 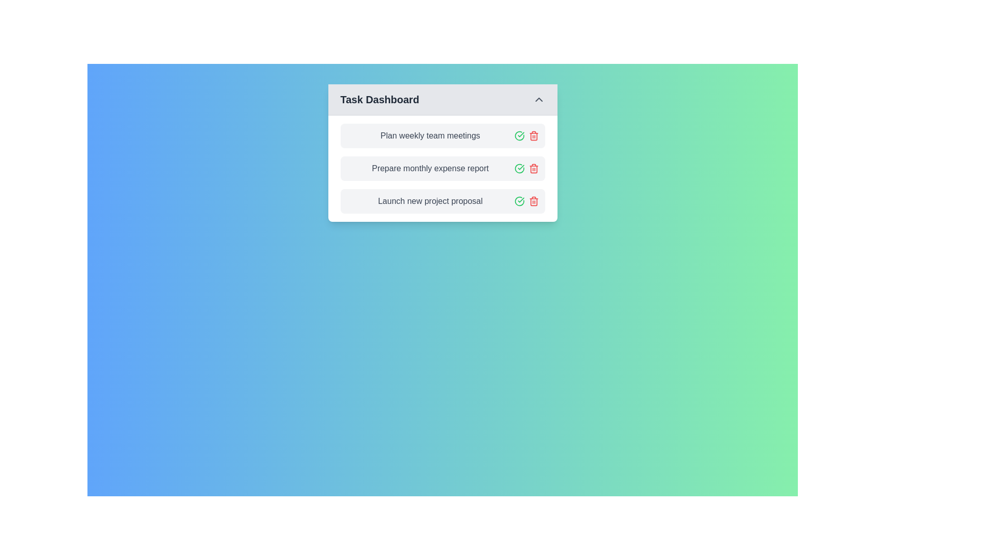 What do you see at coordinates (526, 201) in the screenshot?
I see `the interactive icons (checkmark and trashcan) located on the far-right side of the 'Launch new project proposal' row in the Task Dashboard interface` at bounding box center [526, 201].